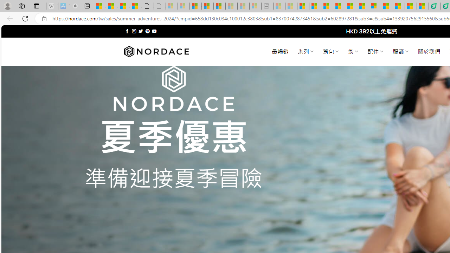 This screenshot has width=450, height=253. Describe the element at coordinates (127, 31) in the screenshot. I see `'Follow on Facebook'` at that location.